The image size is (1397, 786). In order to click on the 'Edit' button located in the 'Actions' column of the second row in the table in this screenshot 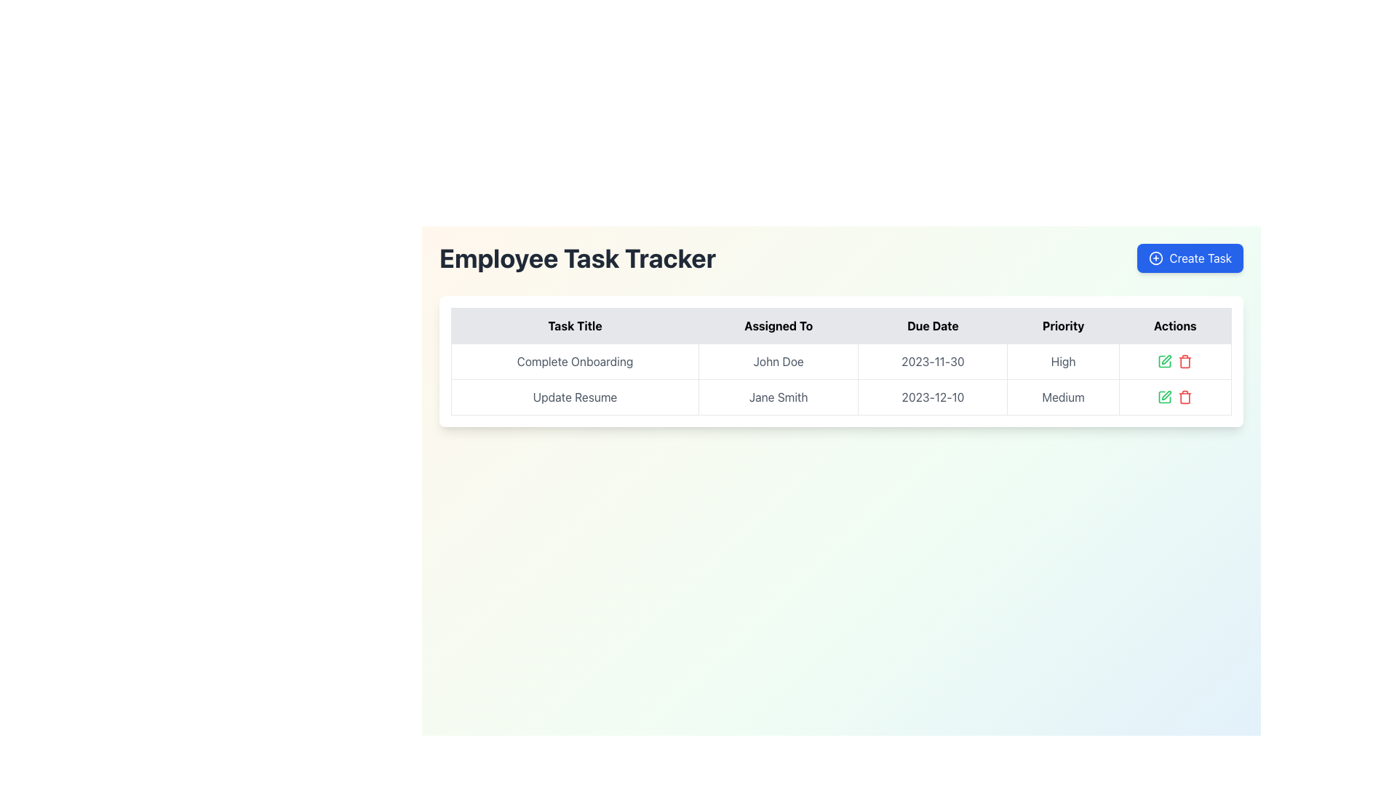, I will do `click(1165, 361)`.